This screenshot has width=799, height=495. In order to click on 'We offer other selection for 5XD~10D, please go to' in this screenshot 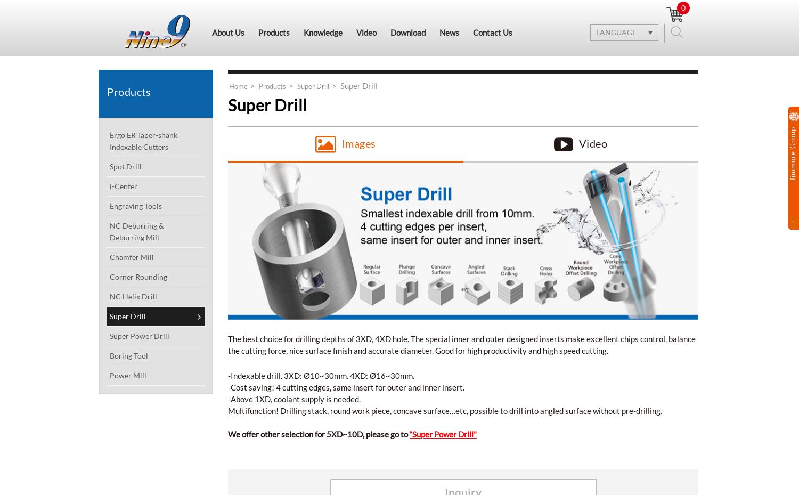, I will do `click(318, 433)`.